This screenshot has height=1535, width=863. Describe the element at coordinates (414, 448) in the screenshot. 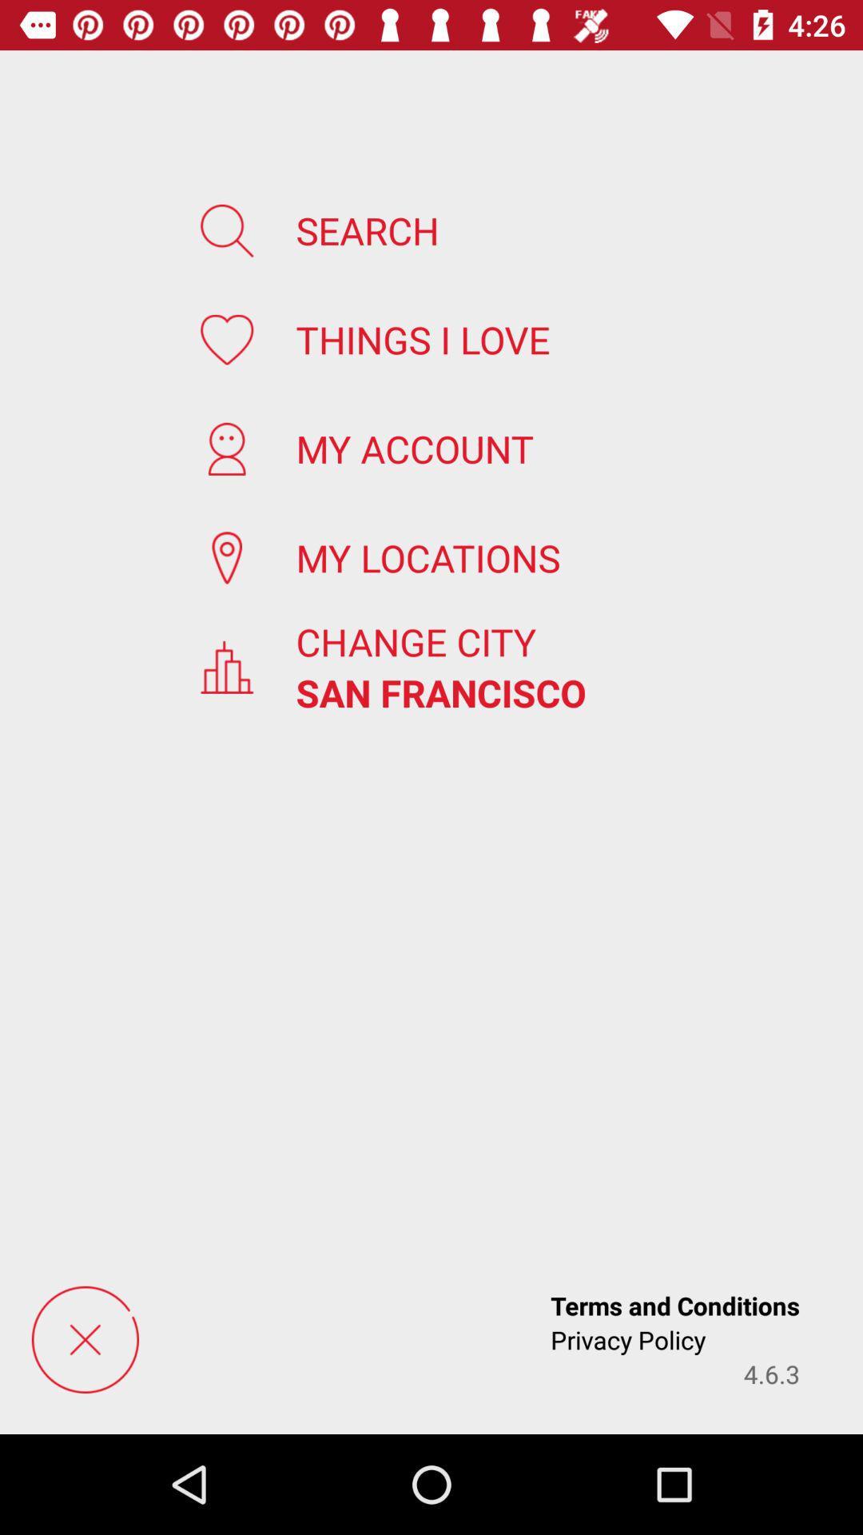

I see `the icon below the things i love icon` at that location.